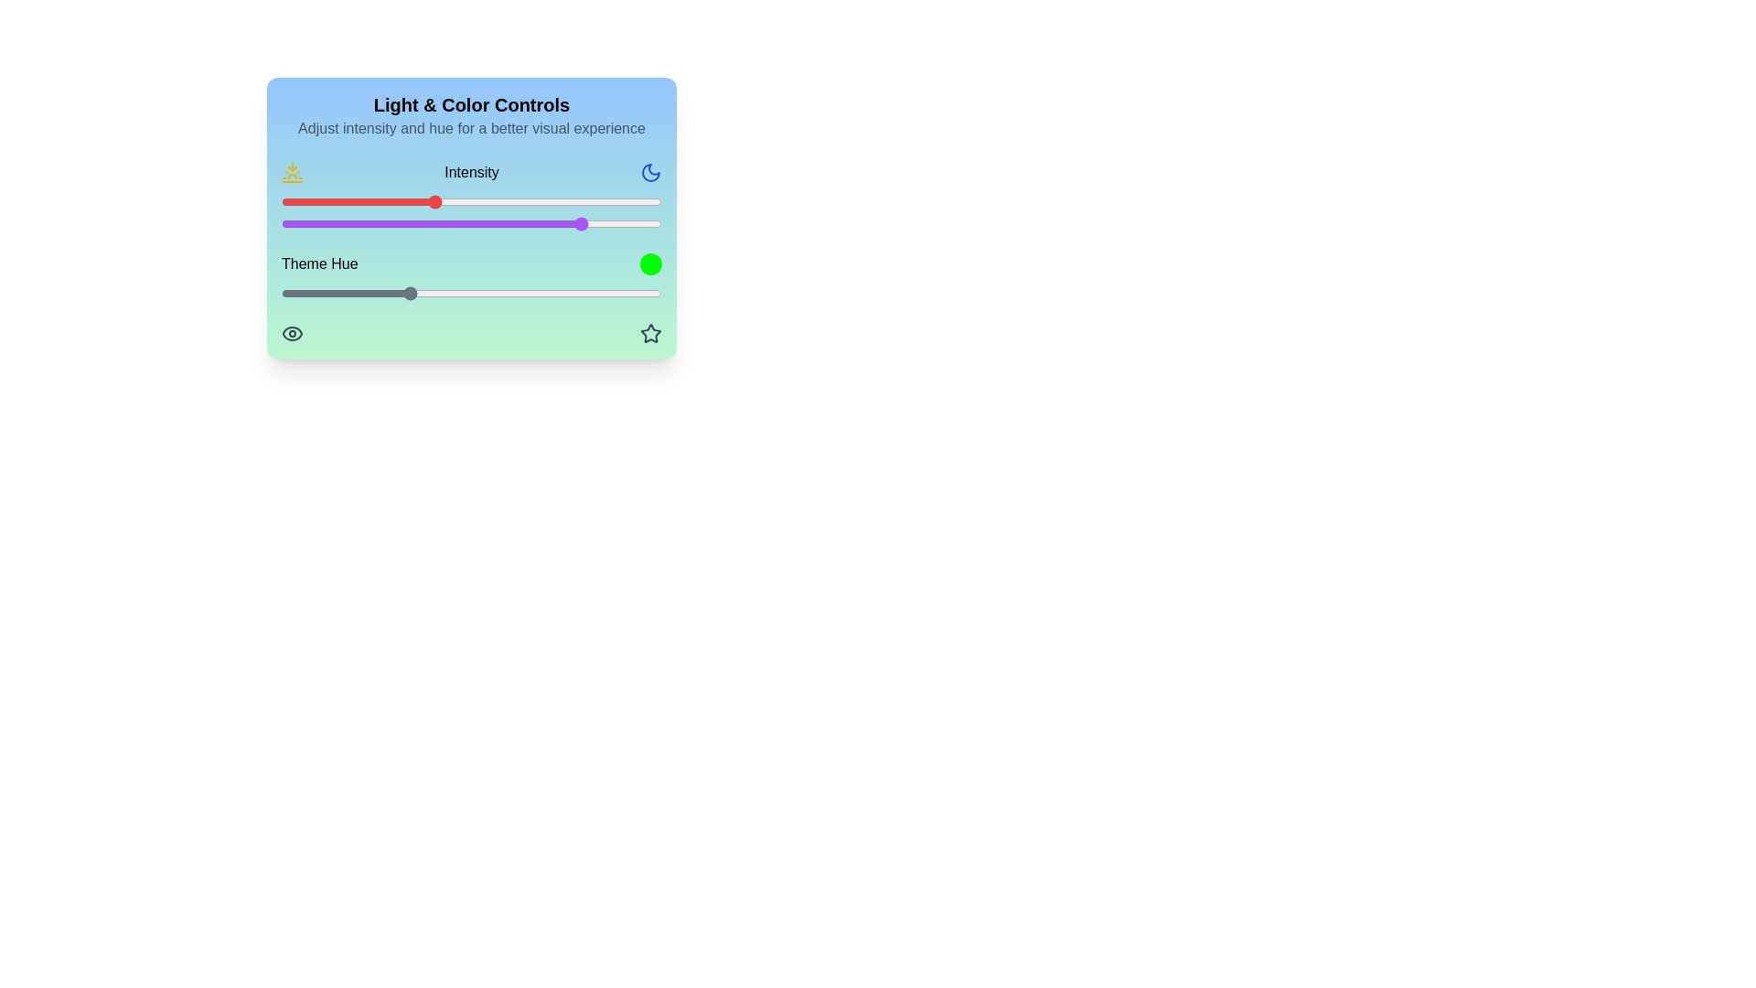 The image size is (1756, 988). What do you see at coordinates (467, 201) in the screenshot?
I see `intensity` at bounding box center [467, 201].